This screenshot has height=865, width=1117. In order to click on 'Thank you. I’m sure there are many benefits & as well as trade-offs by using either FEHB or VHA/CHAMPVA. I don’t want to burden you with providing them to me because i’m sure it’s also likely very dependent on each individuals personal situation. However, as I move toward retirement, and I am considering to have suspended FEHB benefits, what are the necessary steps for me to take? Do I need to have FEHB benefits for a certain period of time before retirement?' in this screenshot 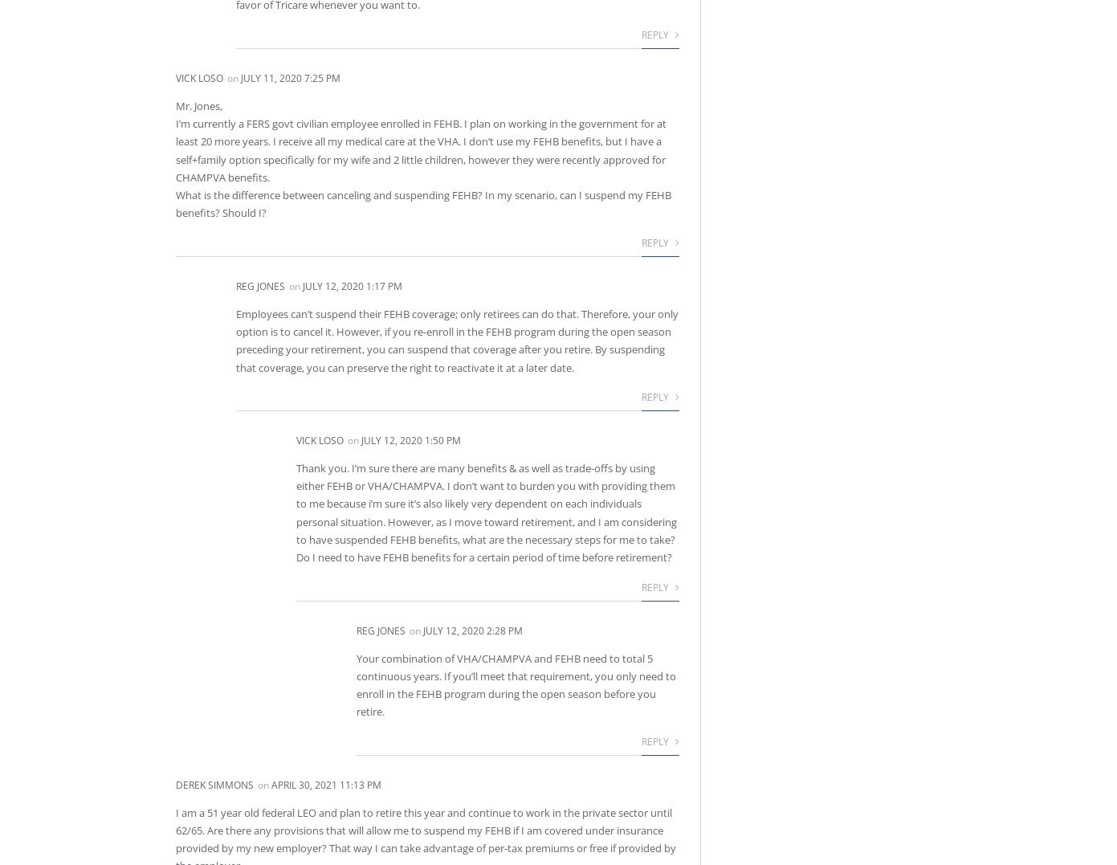, I will do `click(486, 512)`.